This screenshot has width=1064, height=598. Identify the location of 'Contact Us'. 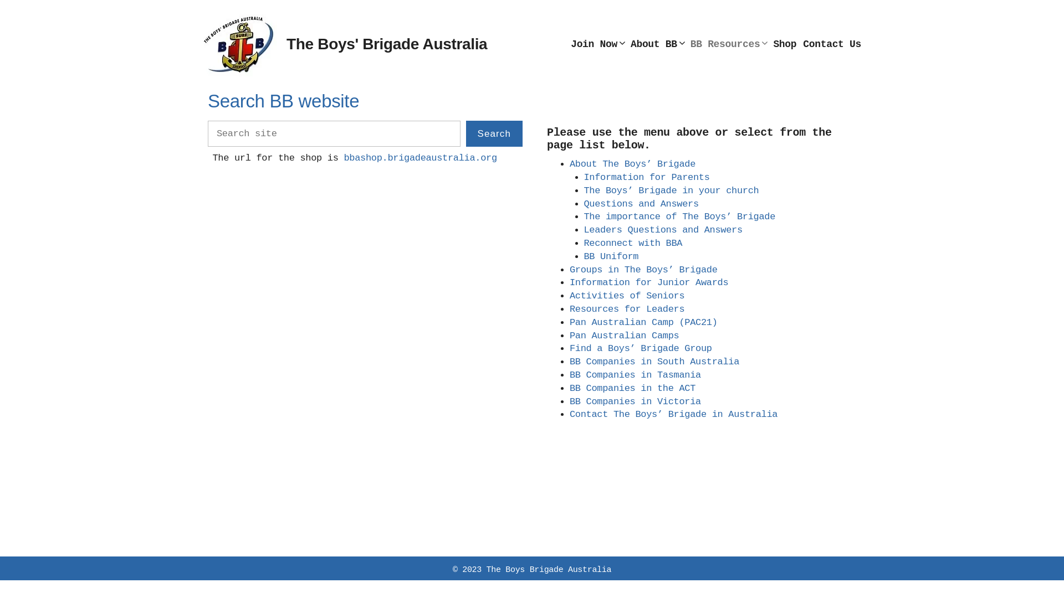
(832, 44).